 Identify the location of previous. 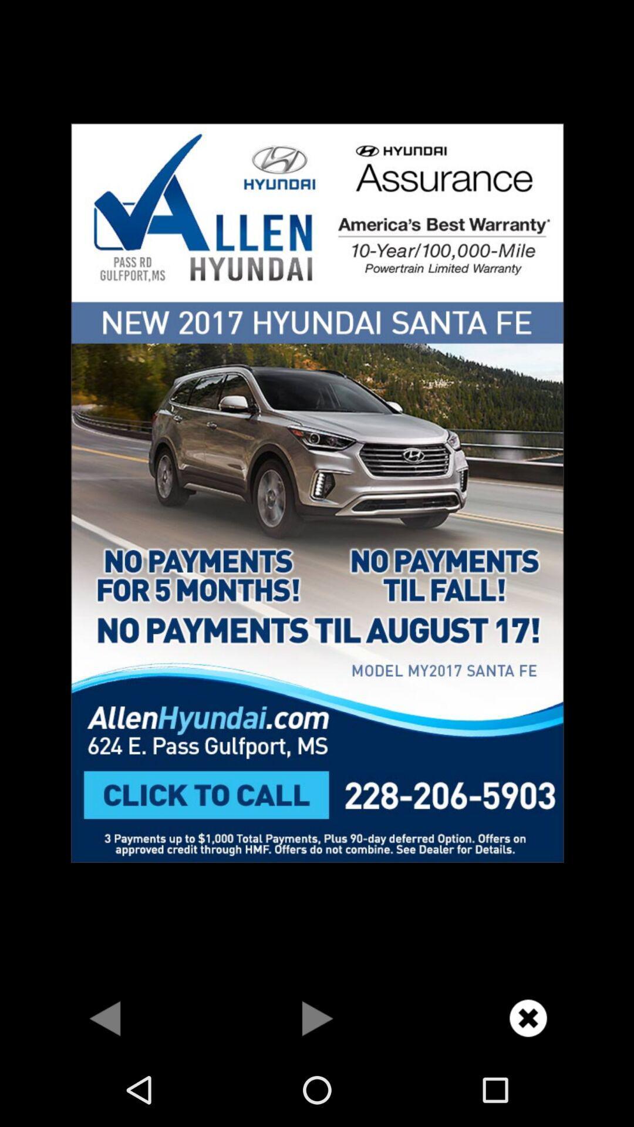
(106, 1017).